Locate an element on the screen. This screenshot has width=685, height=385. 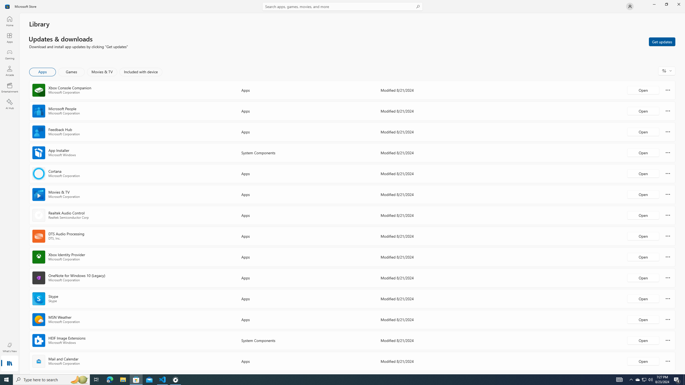
'Sort and filter' is located at coordinates (667, 71).